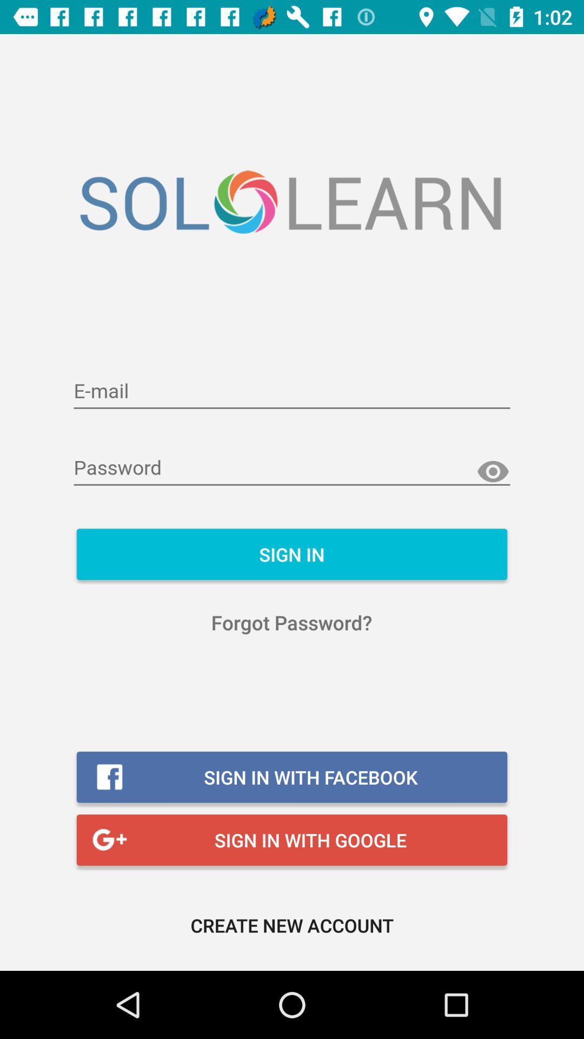 Image resolution: width=584 pixels, height=1039 pixels. I want to click on the create new account icon, so click(292, 924).